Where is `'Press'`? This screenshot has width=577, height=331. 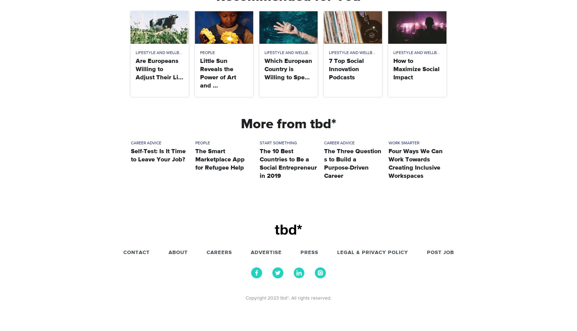 'Press' is located at coordinates (300, 252).